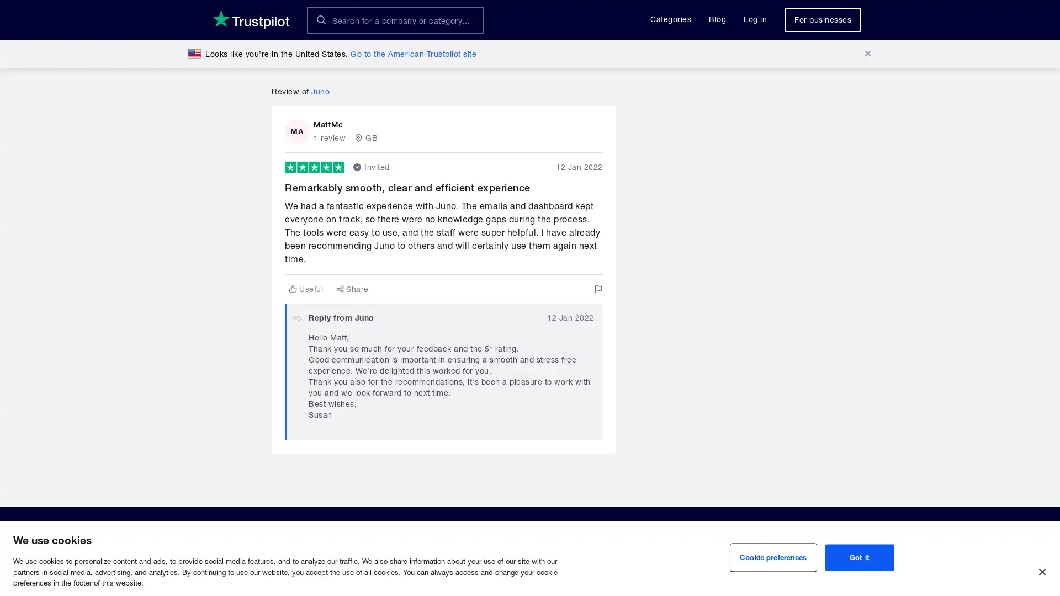 This screenshot has height=596, width=1060. What do you see at coordinates (772, 557) in the screenshot?
I see `Cookie preferences` at bounding box center [772, 557].